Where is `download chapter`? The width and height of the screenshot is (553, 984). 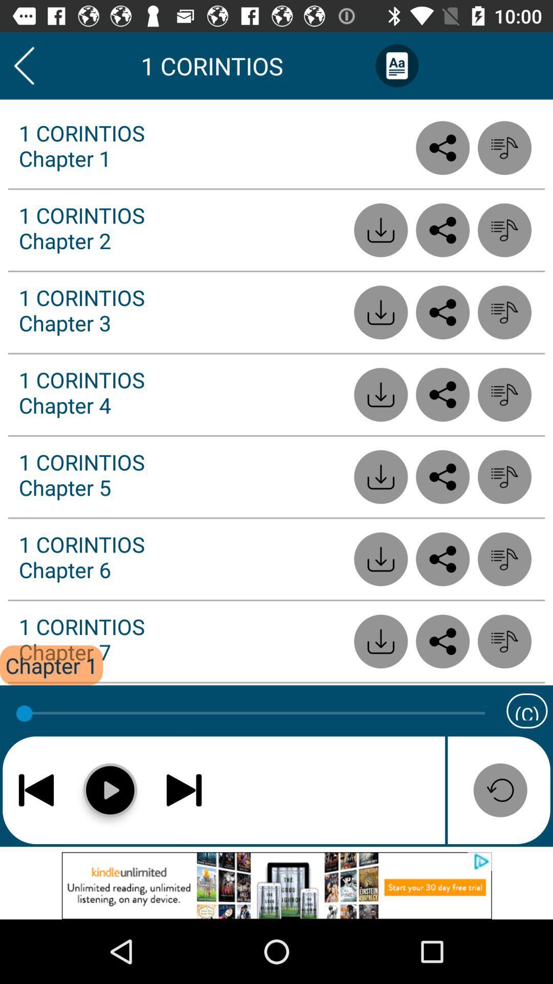 download chapter is located at coordinates (381, 559).